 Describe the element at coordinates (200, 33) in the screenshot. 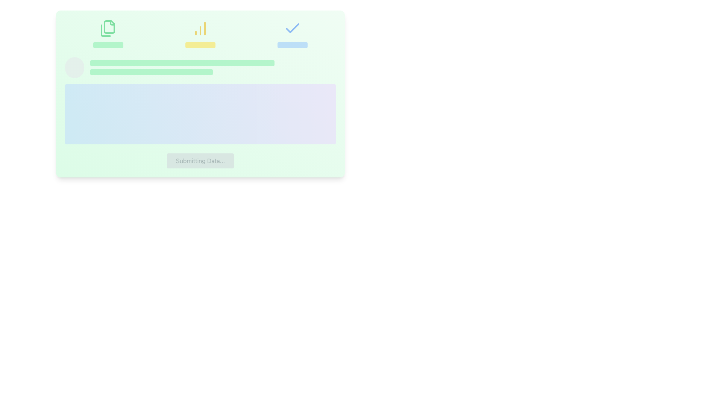

I see `the middle icon with a textual indicator in the upper center section of the interface, which summarizes data trends or statistics` at that location.